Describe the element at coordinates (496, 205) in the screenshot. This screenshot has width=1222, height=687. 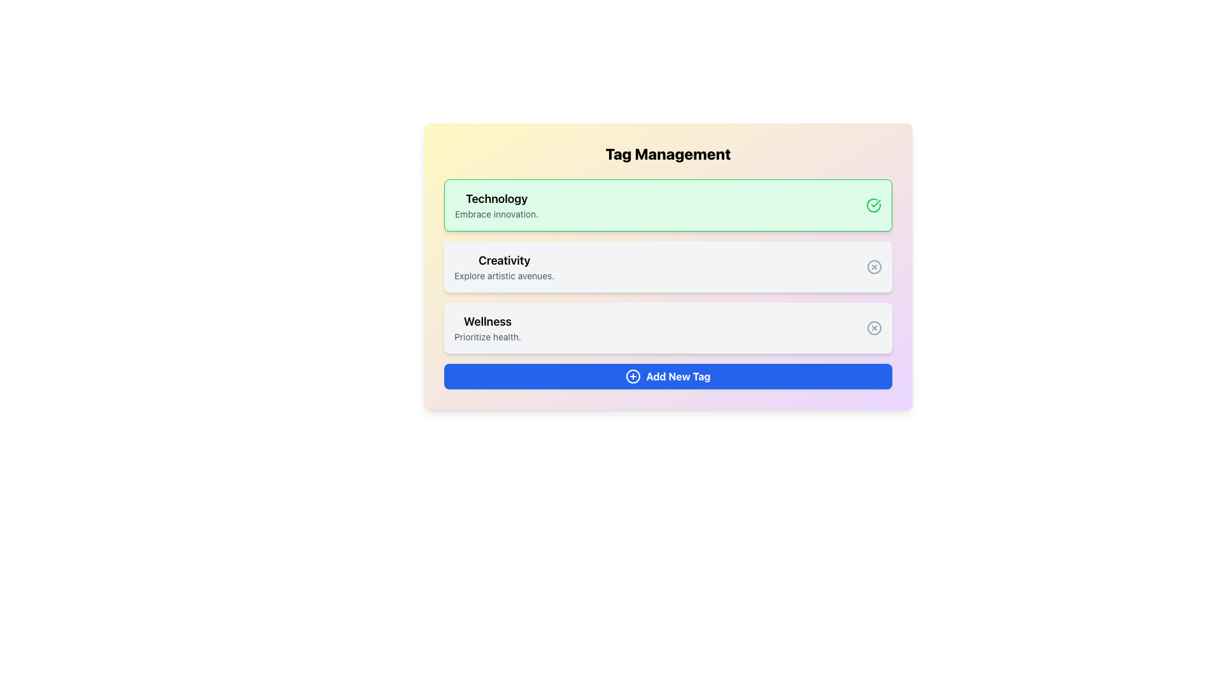
I see `the Text Display element that shows 'Technology' in bold and 'Embrace innovation.' in a smaller font, which is part of the topmost card in the 'Tag Management' section` at that location.